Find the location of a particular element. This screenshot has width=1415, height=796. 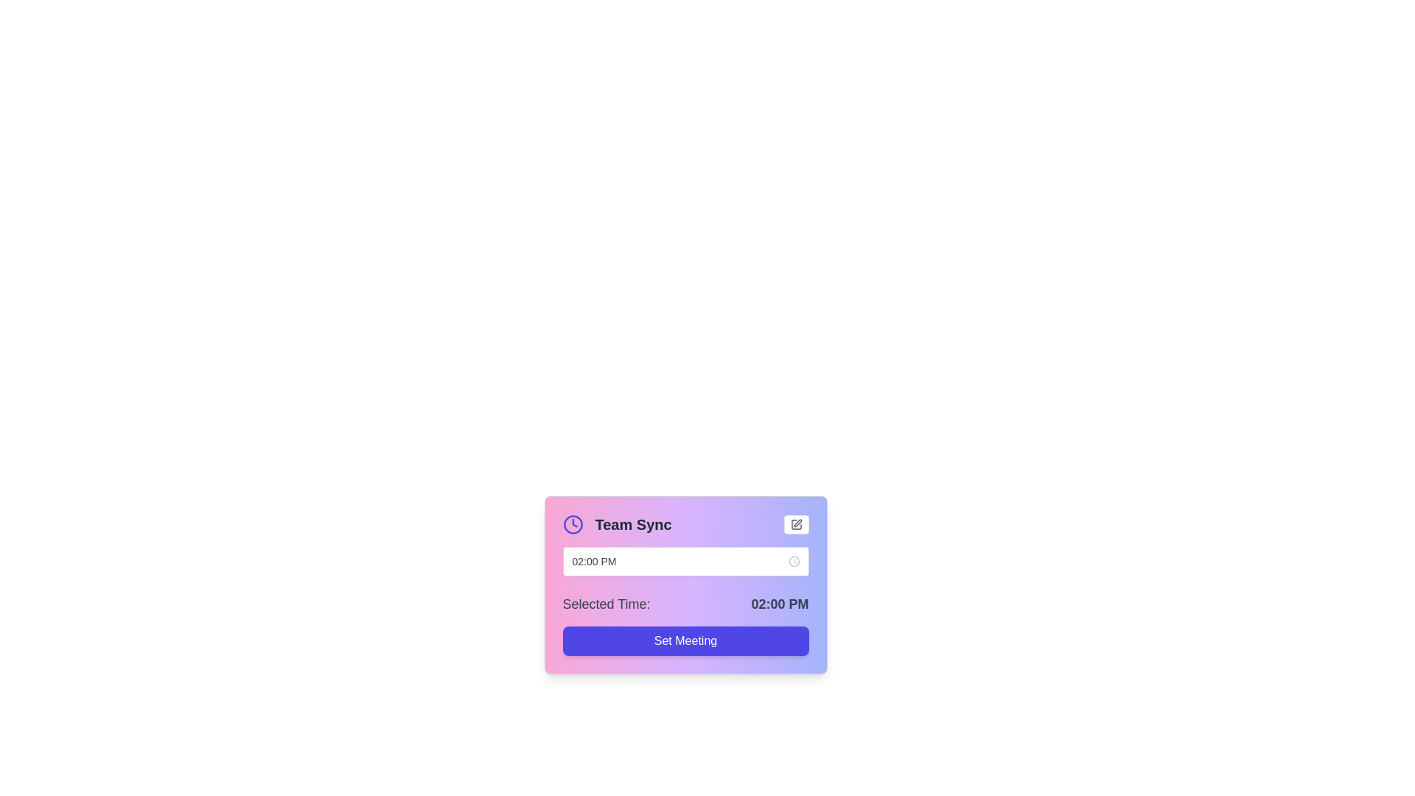

the time selection icon located at the far right of the time input interface to potentially trigger a time picker is located at coordinates (793, 562).